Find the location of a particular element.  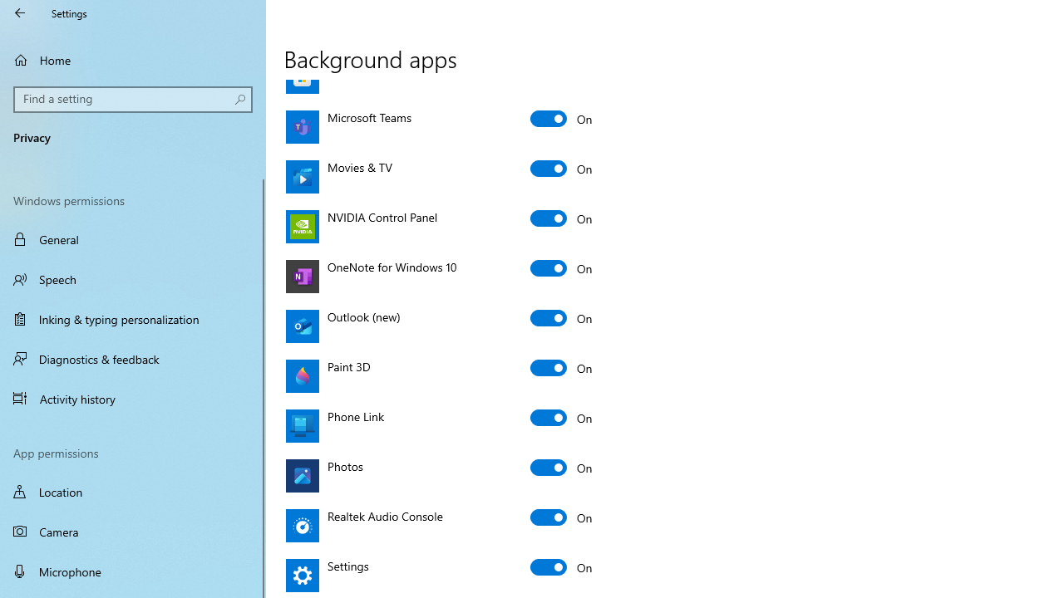

'General' is located at coordinates (133, 239).